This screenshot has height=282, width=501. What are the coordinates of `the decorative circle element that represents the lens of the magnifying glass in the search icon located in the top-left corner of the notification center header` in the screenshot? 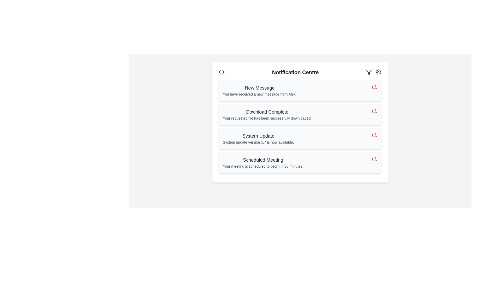 It's located at (222, 72).